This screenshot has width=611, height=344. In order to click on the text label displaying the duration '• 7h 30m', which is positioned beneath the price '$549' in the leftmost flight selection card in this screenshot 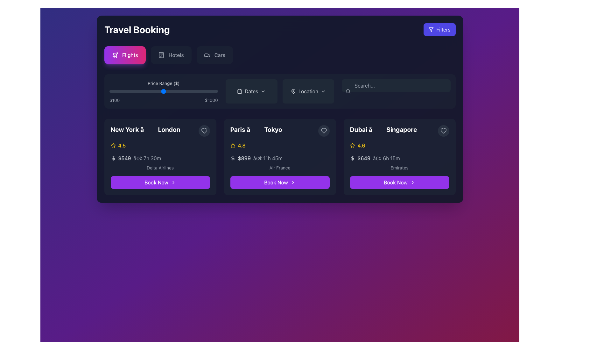, I will do `click(147, 158)`.